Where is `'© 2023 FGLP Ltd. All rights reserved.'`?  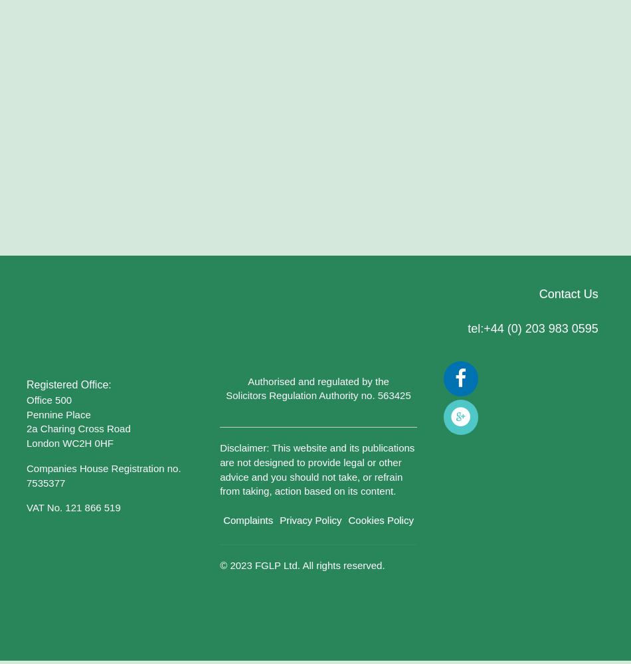
'© 2023 FGLP Ltd. All rights reserved.' is located at coordinates (301, 564).